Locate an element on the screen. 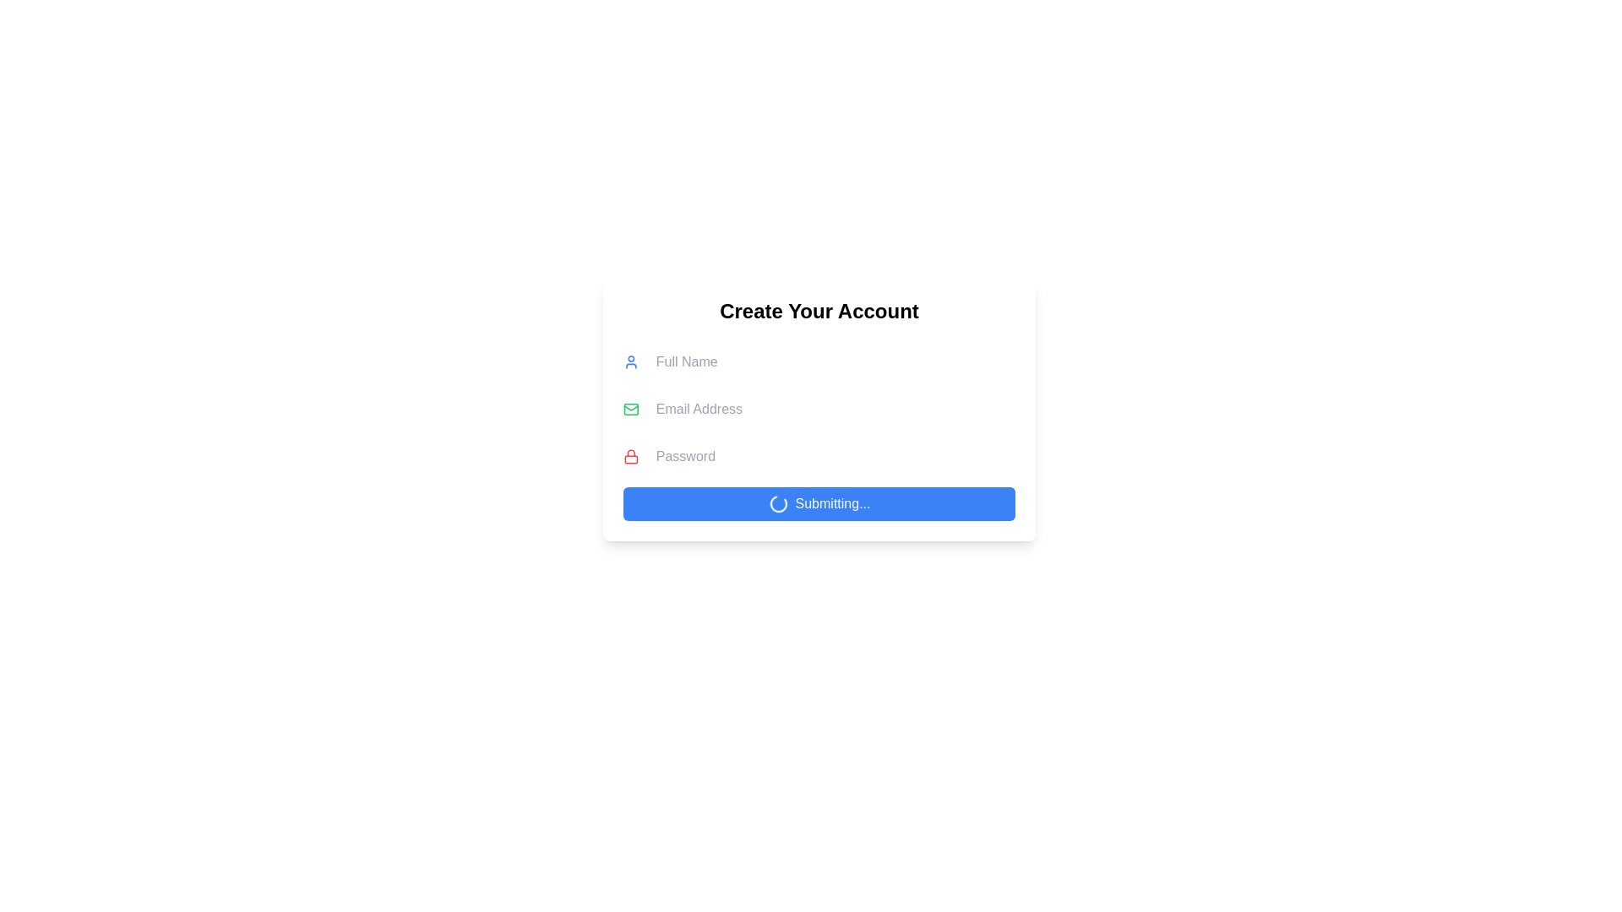 The height and width of the screenshot is (912, 1622). the decorative rectangular body of the envelope icon, which is located to the left of the 'Email Address' input field in the registration interface is located at coordinates (630, 410).